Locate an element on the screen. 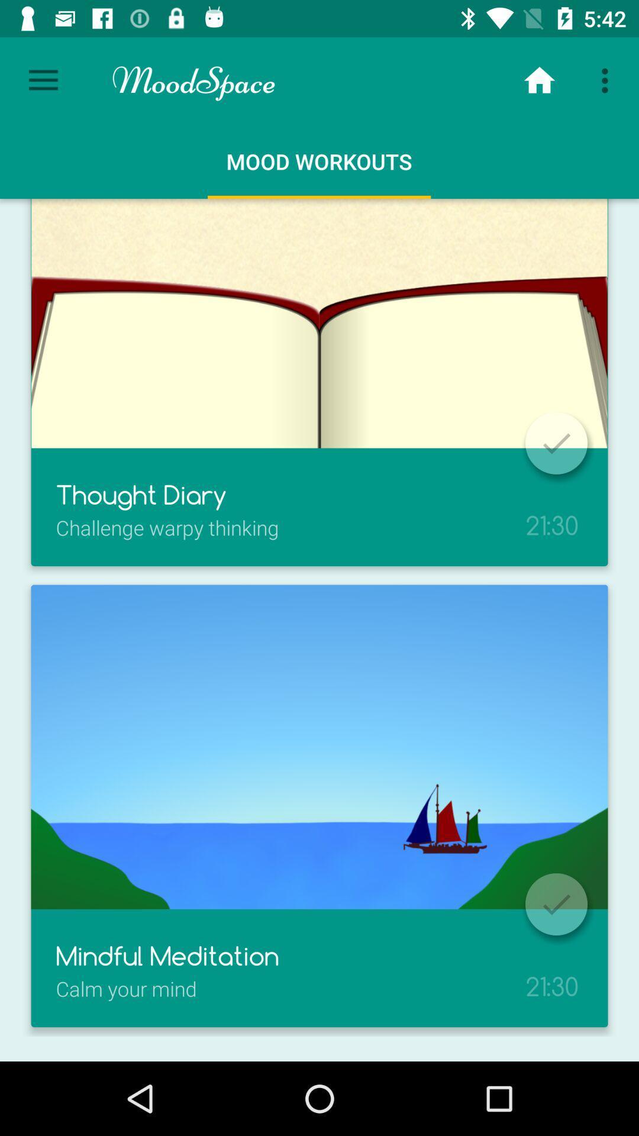 This screenshot has width=639, height=1136. diary is located at coordinates (556, 443).